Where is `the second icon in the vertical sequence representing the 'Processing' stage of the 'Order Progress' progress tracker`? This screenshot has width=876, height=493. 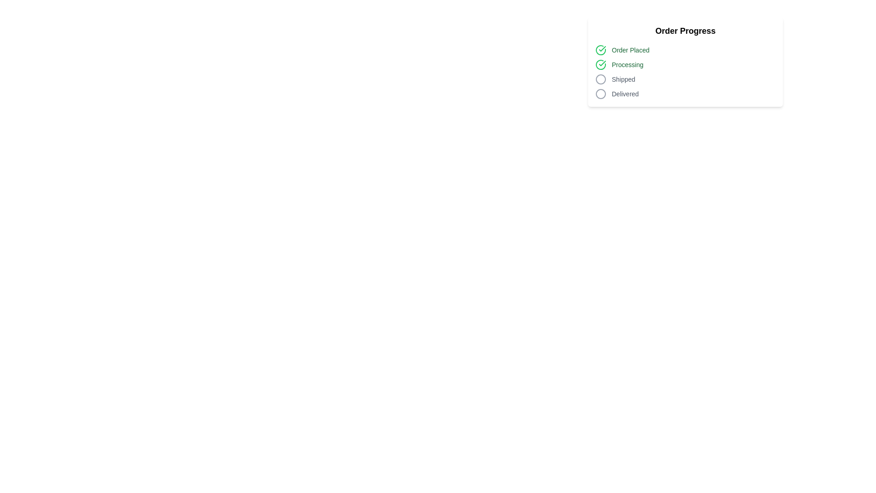
the second icon in the vertical sequence representing the 'Processing' stage of the 'Order Progress' progress tracker is located at coordinates (600, 64).